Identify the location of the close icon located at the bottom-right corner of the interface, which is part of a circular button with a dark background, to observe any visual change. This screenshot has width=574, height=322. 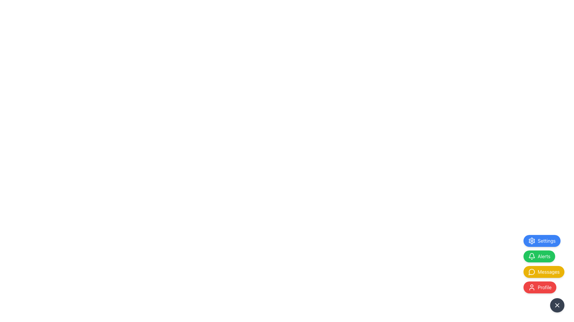
(557, 305).